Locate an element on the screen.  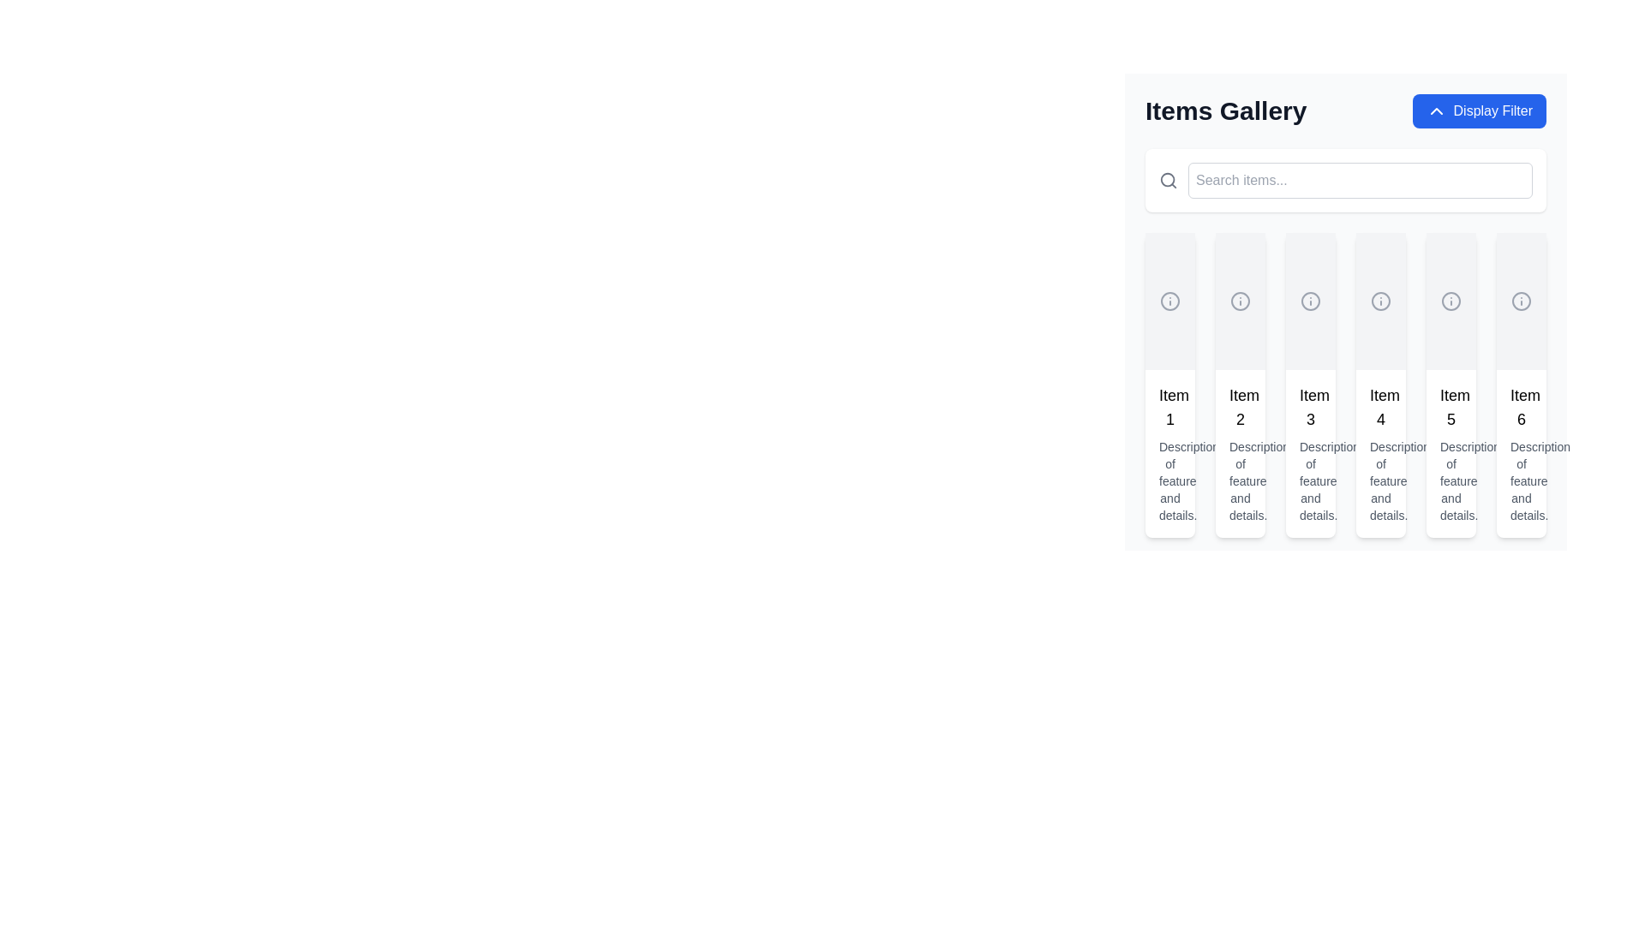
the decorative or informational icon located at the top of the card labeled 'Item 6' in the sixth column of the vertically stacked gallery layout is located at coordinates (1522, 300).